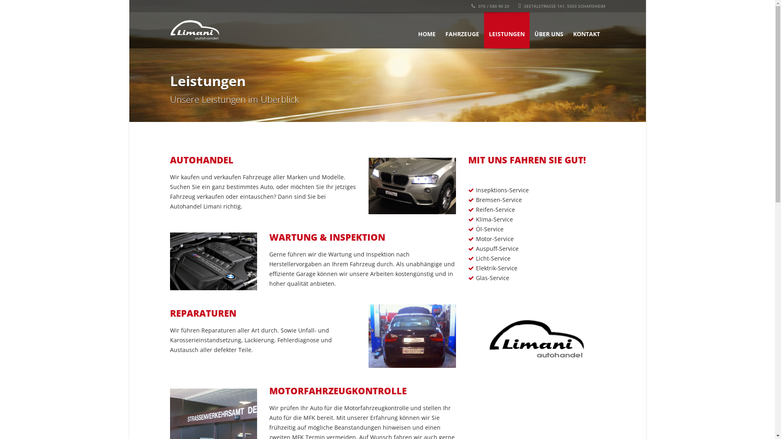 This screenshot has width=781, height=439. I want to click on 'FAHRZEUGE', so click(462, 30).